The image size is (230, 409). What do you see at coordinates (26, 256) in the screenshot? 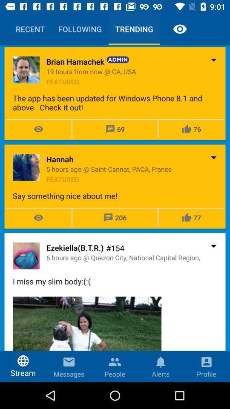
I see `move to image which is left tom the ezekiellabtr154` at bounding box center [26, 256].